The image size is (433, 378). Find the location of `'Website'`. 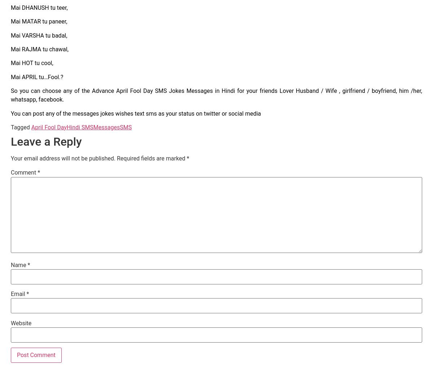

'Website' is located at coordinates (21, 323).